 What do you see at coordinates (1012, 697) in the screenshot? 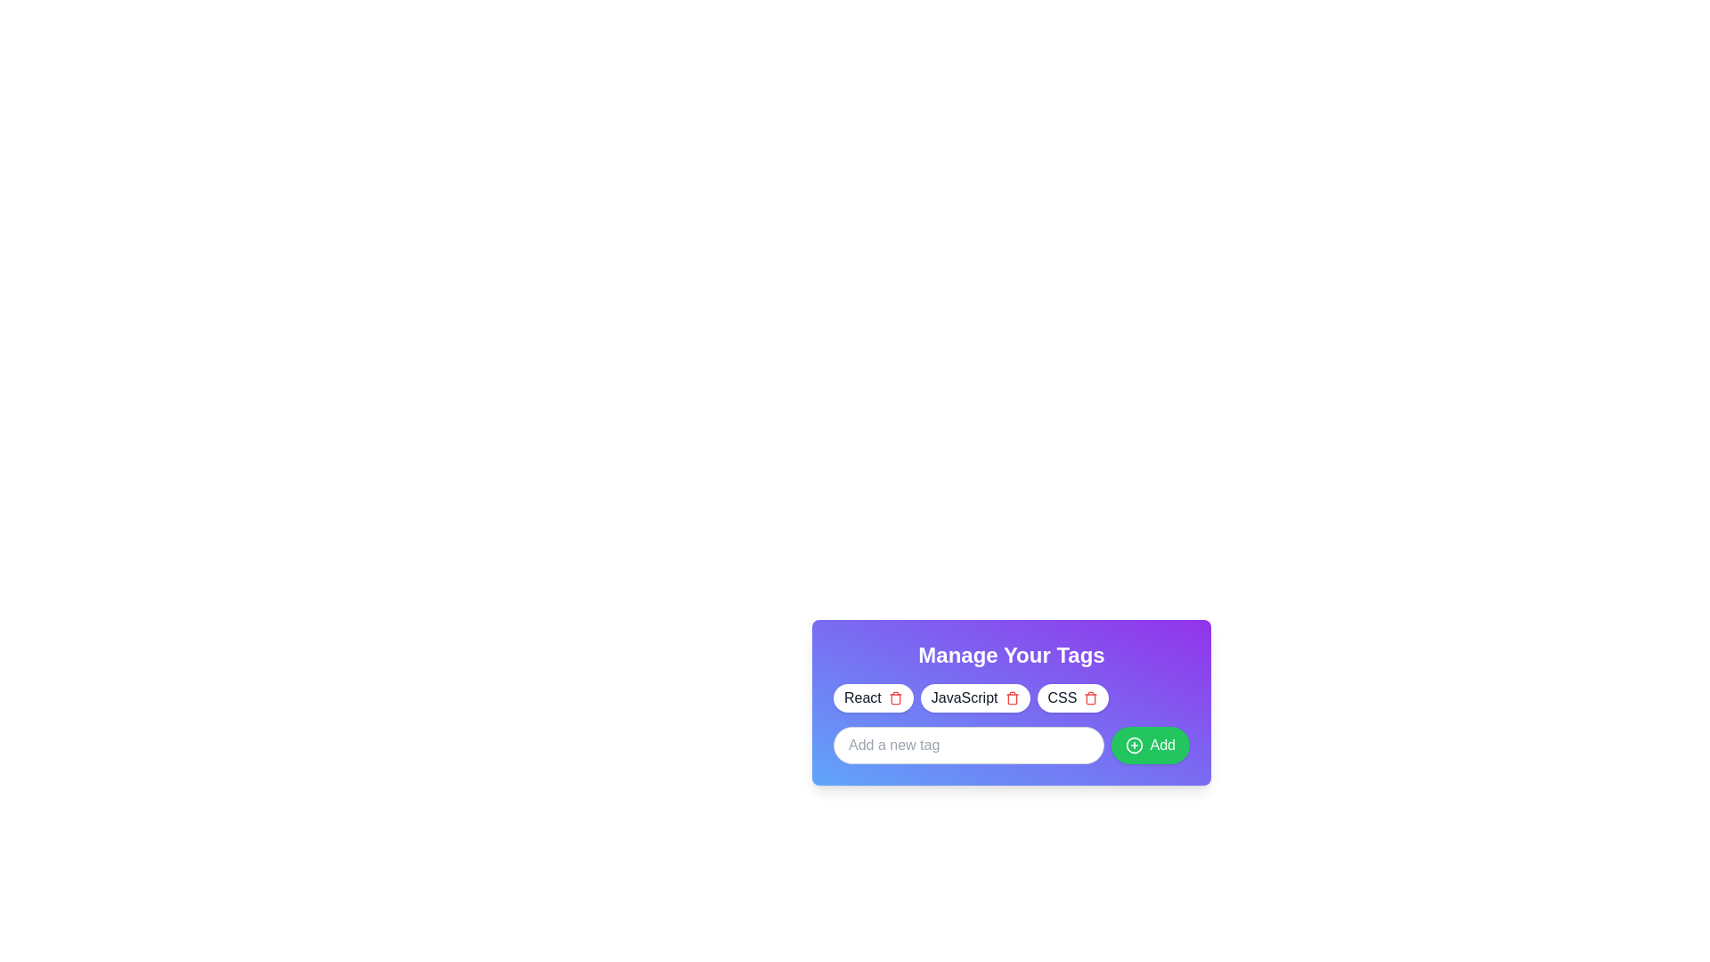
I see `the small red trash can icon button located to the right of the 'JavaScript' text` at bounding box center [1012, 697].